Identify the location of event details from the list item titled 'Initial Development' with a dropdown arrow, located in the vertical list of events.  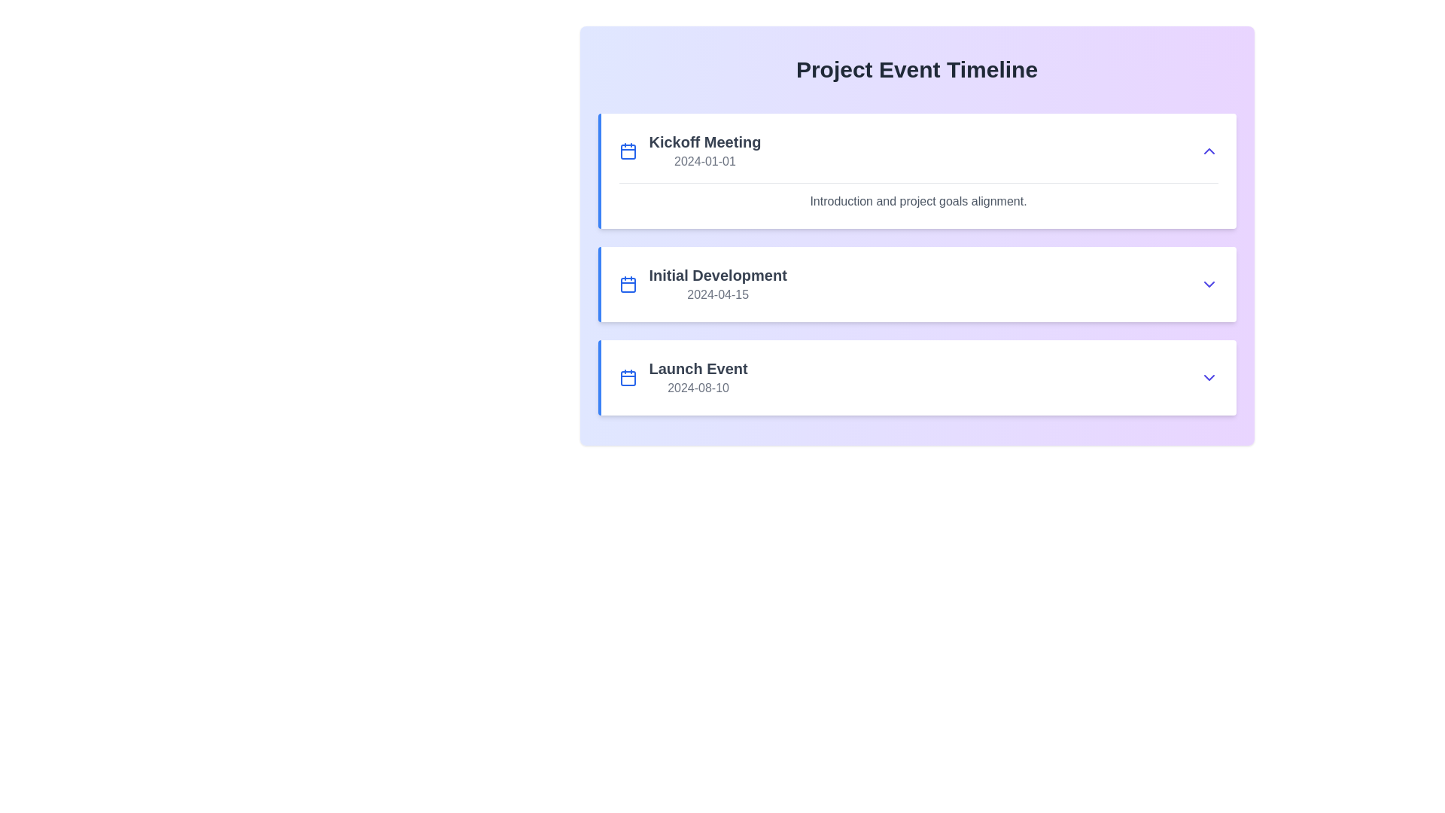
(917, 285).